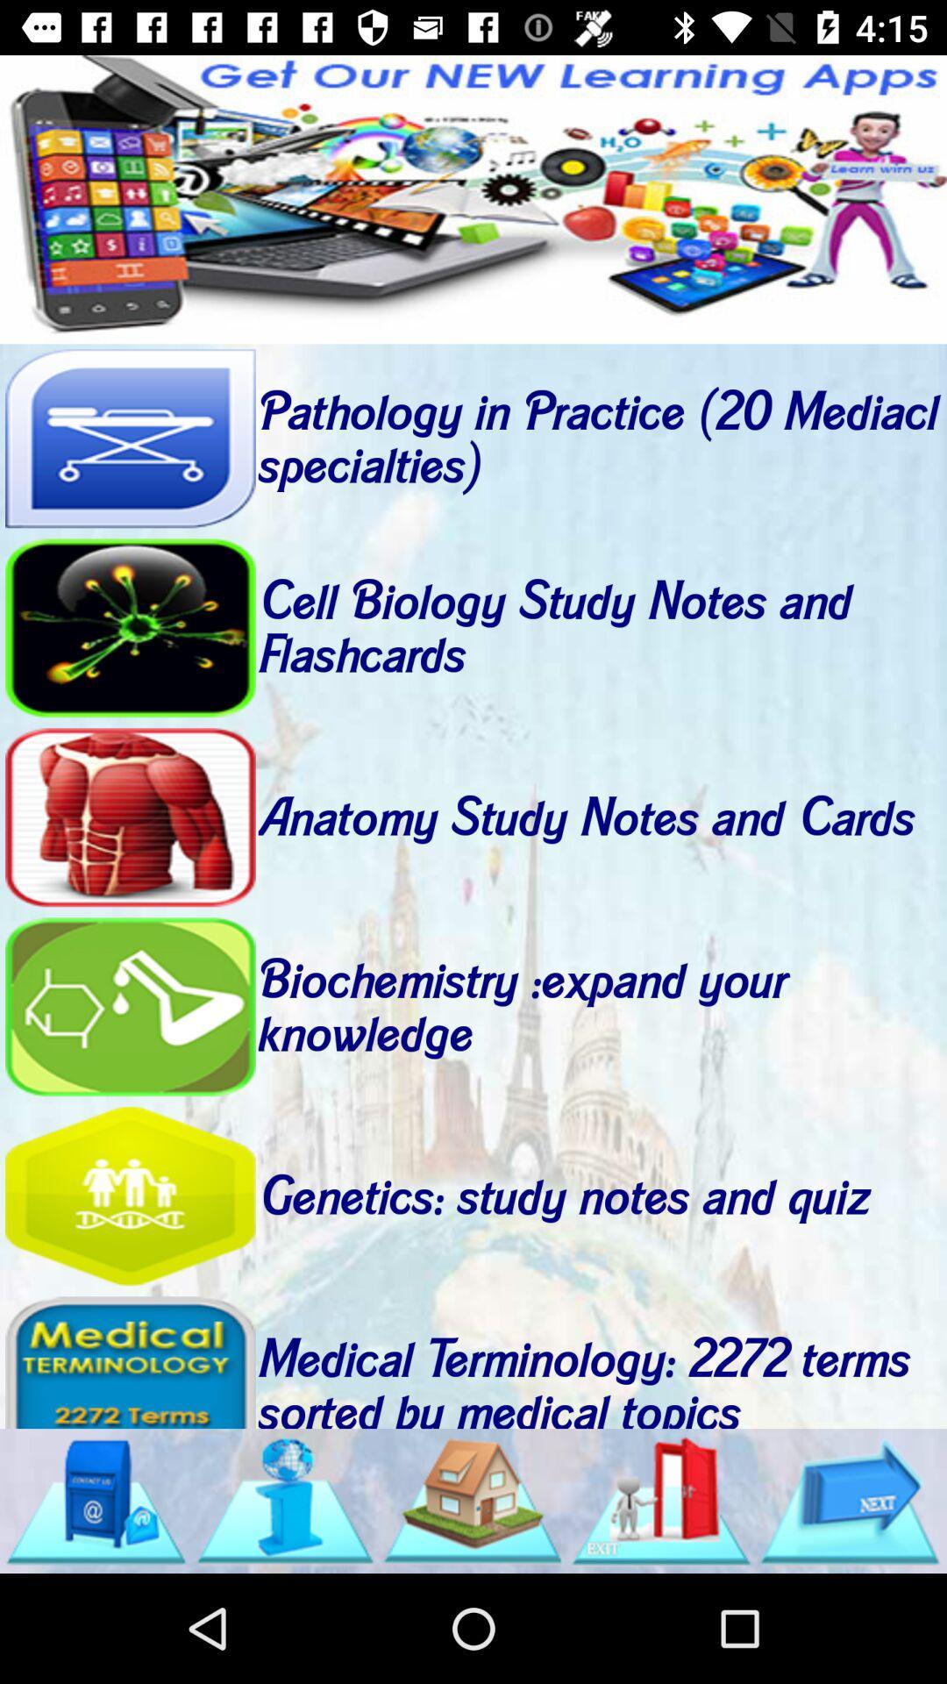  Describe the element at coordinates (129, 1195) in the screenshot. I see `come back` at that location.